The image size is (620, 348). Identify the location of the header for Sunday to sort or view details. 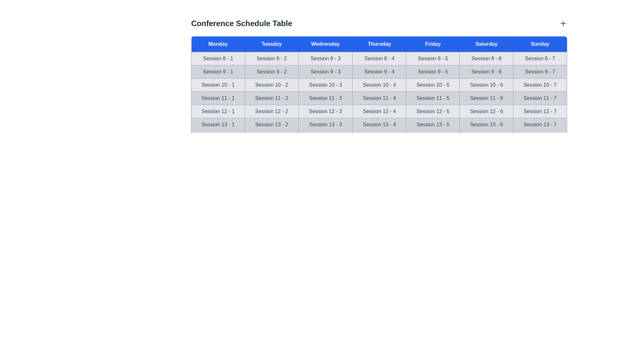
(540, 44).